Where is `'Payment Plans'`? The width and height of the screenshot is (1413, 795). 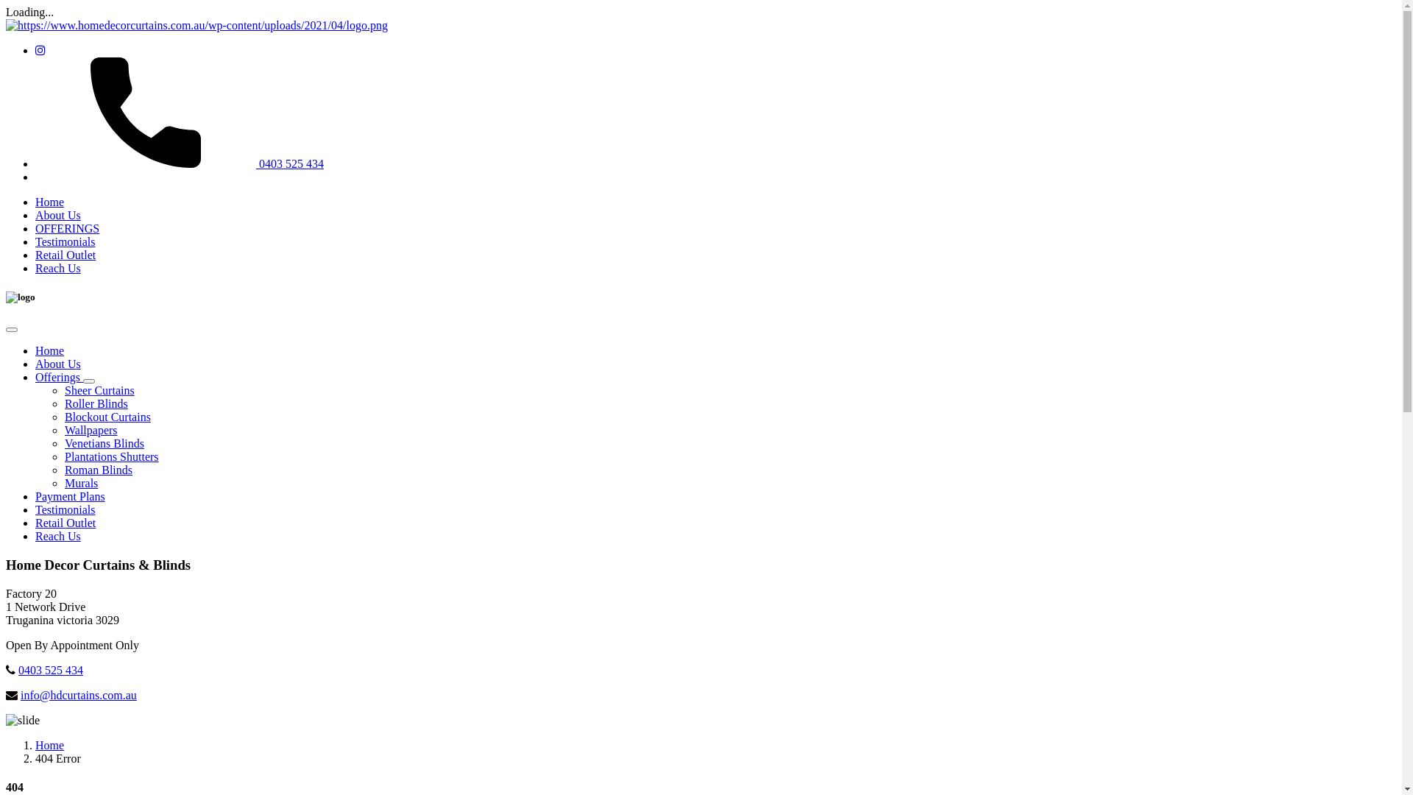
'Payment Plans' is located at coordinates (69, 496).